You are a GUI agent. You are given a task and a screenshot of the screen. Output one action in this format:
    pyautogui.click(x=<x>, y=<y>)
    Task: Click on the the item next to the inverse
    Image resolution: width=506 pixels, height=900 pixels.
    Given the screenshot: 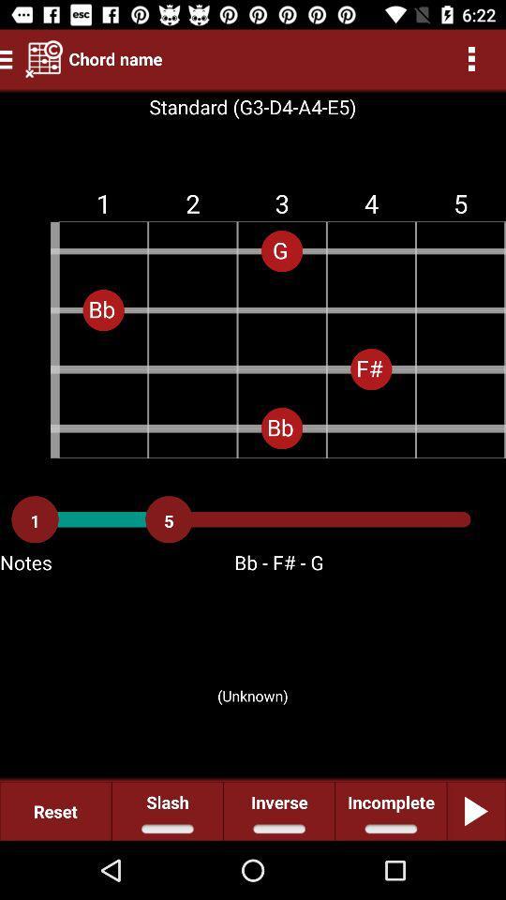 What is the action you would take?
    pyautogui.click(x=390, y=810)
    